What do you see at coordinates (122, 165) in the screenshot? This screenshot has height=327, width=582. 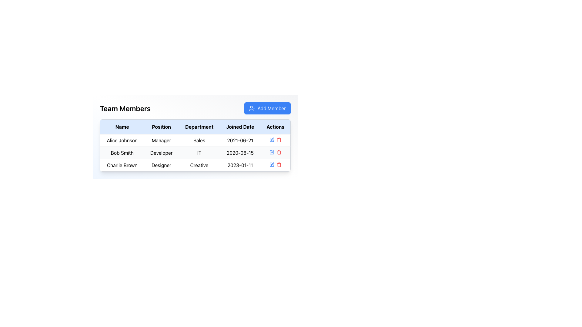 I see `the bold black text label displaying the name 'Charlie Brown' located in the first cell of the third row under the 'Name' column of the 'Team Members' table` at bounding box center [122, 165].